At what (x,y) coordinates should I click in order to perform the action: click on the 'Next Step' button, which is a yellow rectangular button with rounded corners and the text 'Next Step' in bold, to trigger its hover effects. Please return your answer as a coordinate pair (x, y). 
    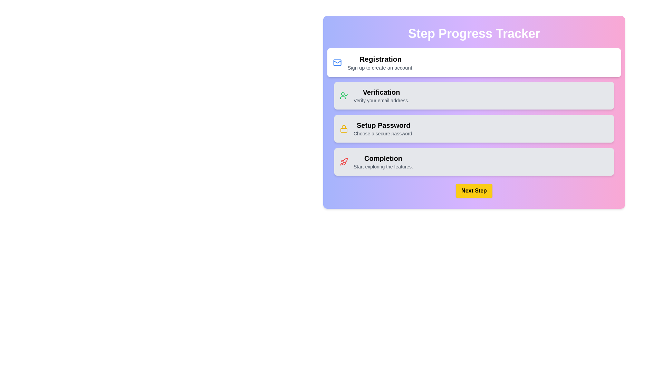
    Looking at the image, I should click on (473, 191).